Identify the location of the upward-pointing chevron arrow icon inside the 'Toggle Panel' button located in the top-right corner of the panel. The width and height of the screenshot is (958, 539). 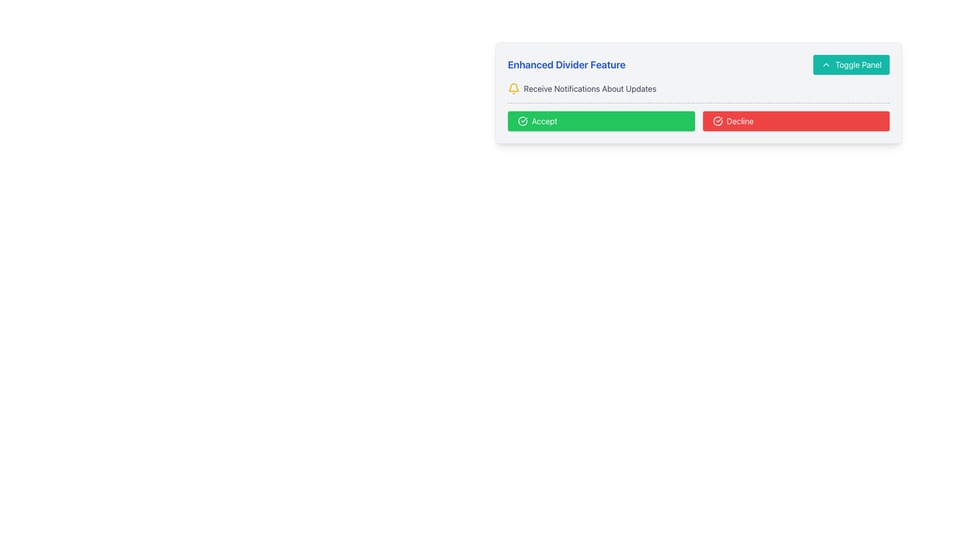
(826, 65).